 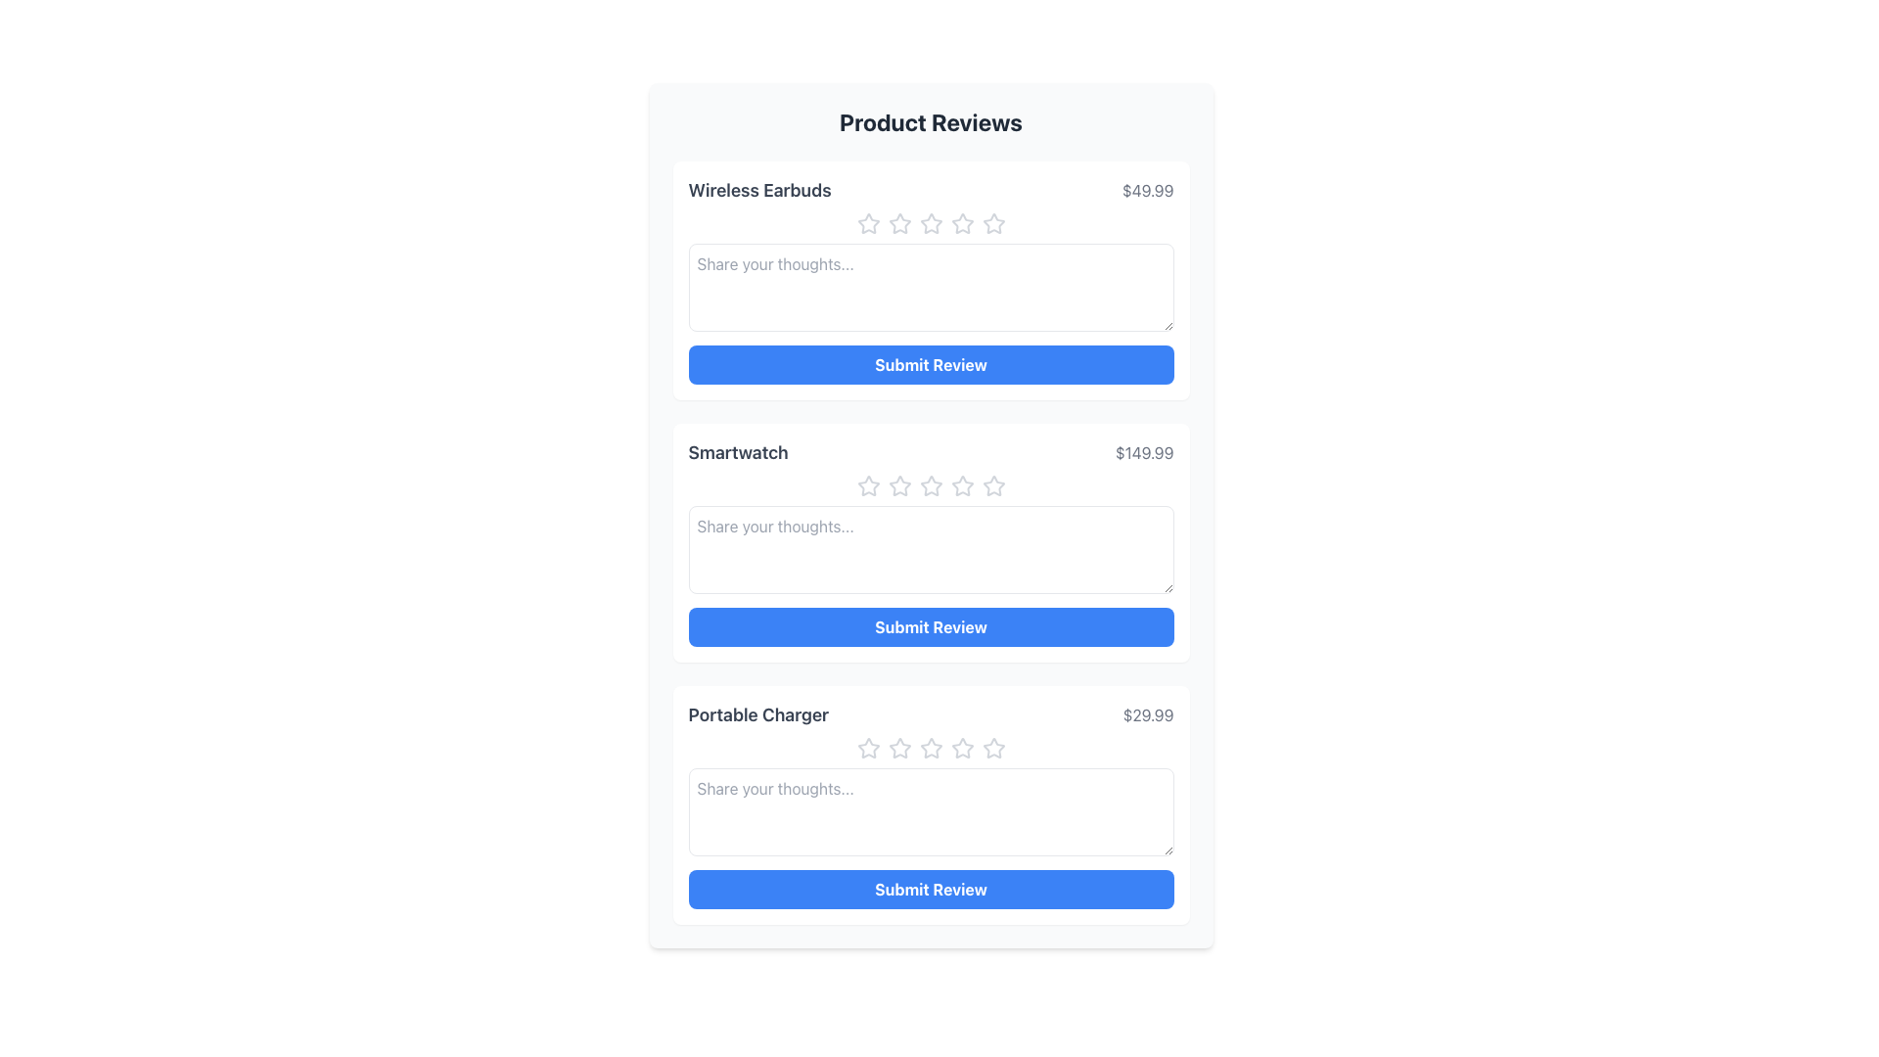 What do you see at coordinates (962, 748) in the screenshot?
I see `the fourth star icon in the Portable Charger review section to rate it with four stars` at bounding box center [962, 748].